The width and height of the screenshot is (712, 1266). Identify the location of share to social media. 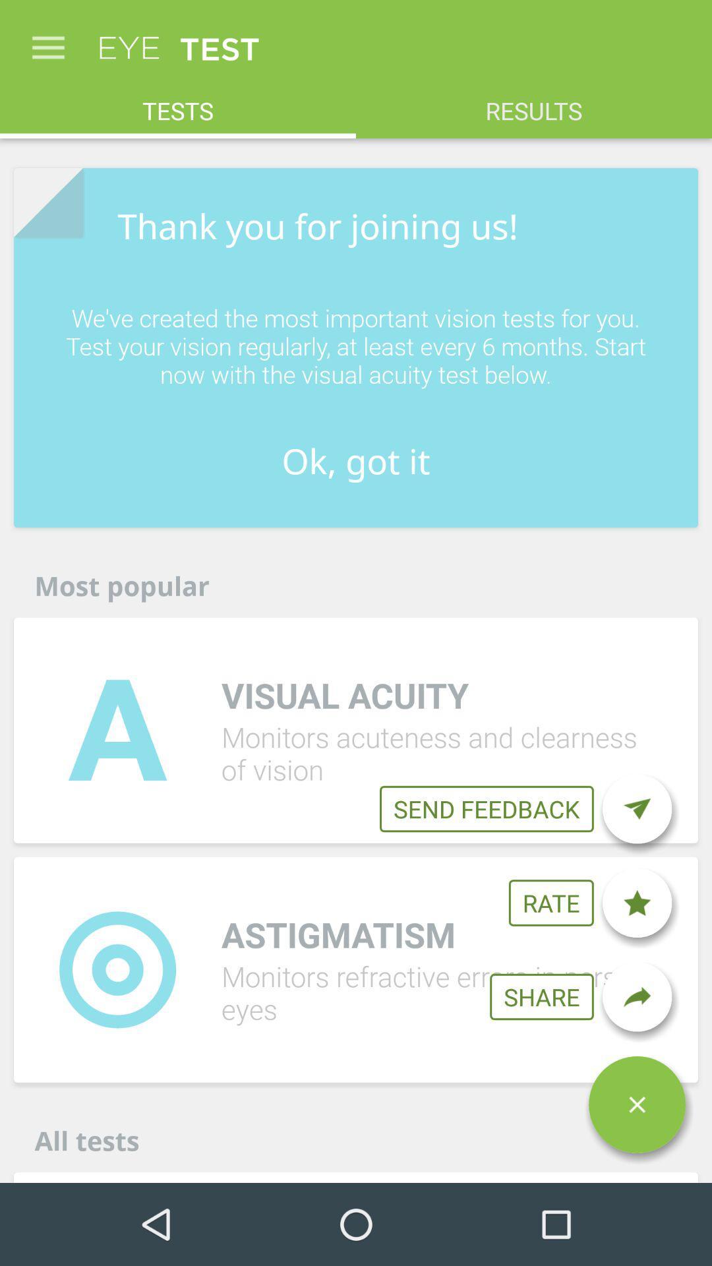
(636, 997).